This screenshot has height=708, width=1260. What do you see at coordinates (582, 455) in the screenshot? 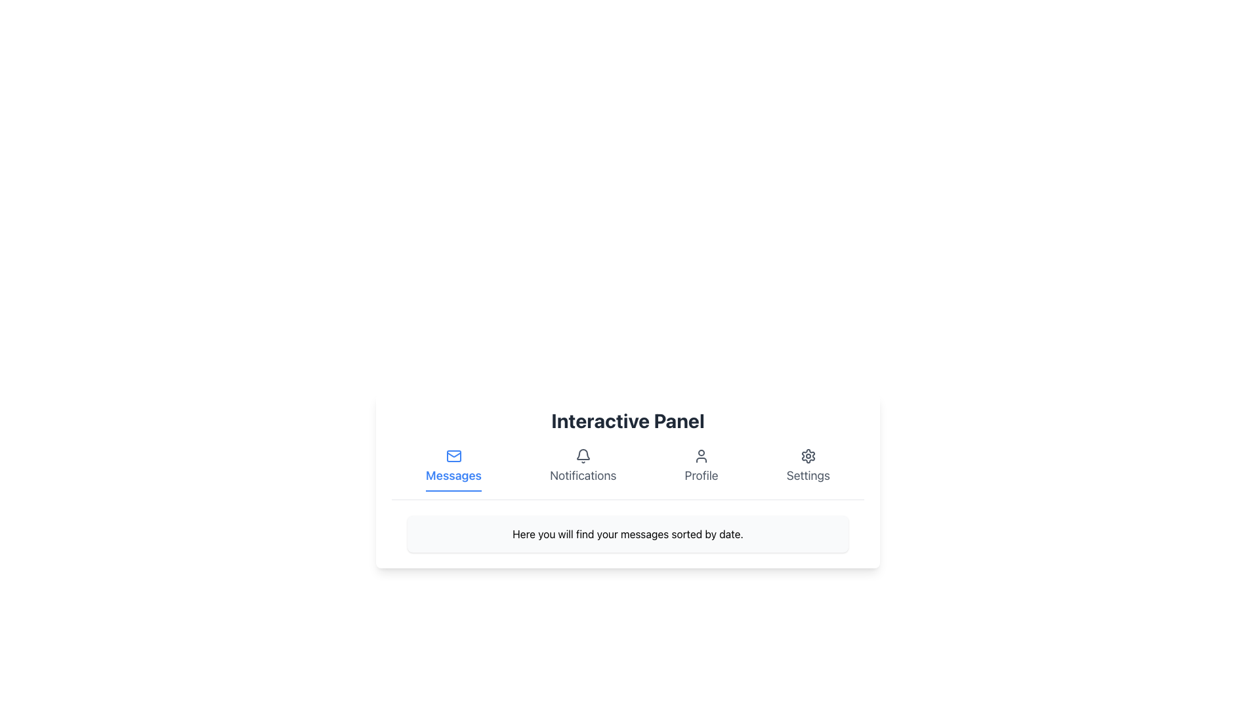
I see `the bell icon in the Notifications section, which represents notifications or alerts` at bounding box center [582, 455].